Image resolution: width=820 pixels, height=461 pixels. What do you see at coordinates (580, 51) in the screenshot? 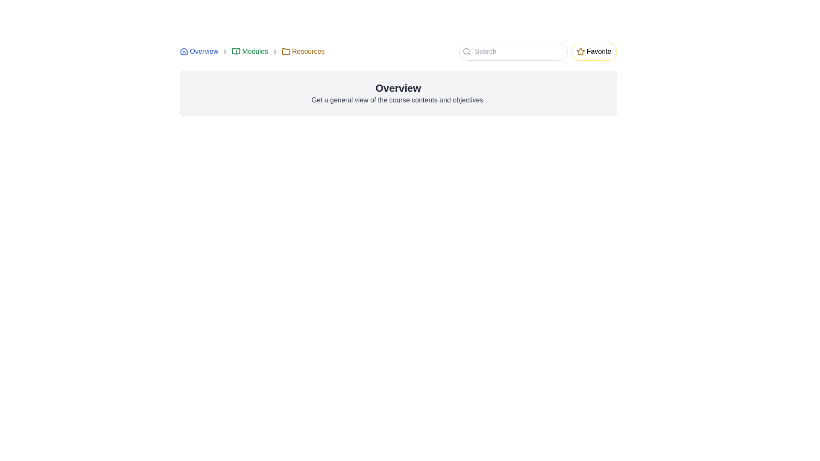
I see `the star icon located inside the 'Favorite' button, positioned to the left of the 'Favorite' text` at bounding box center [580, 51].